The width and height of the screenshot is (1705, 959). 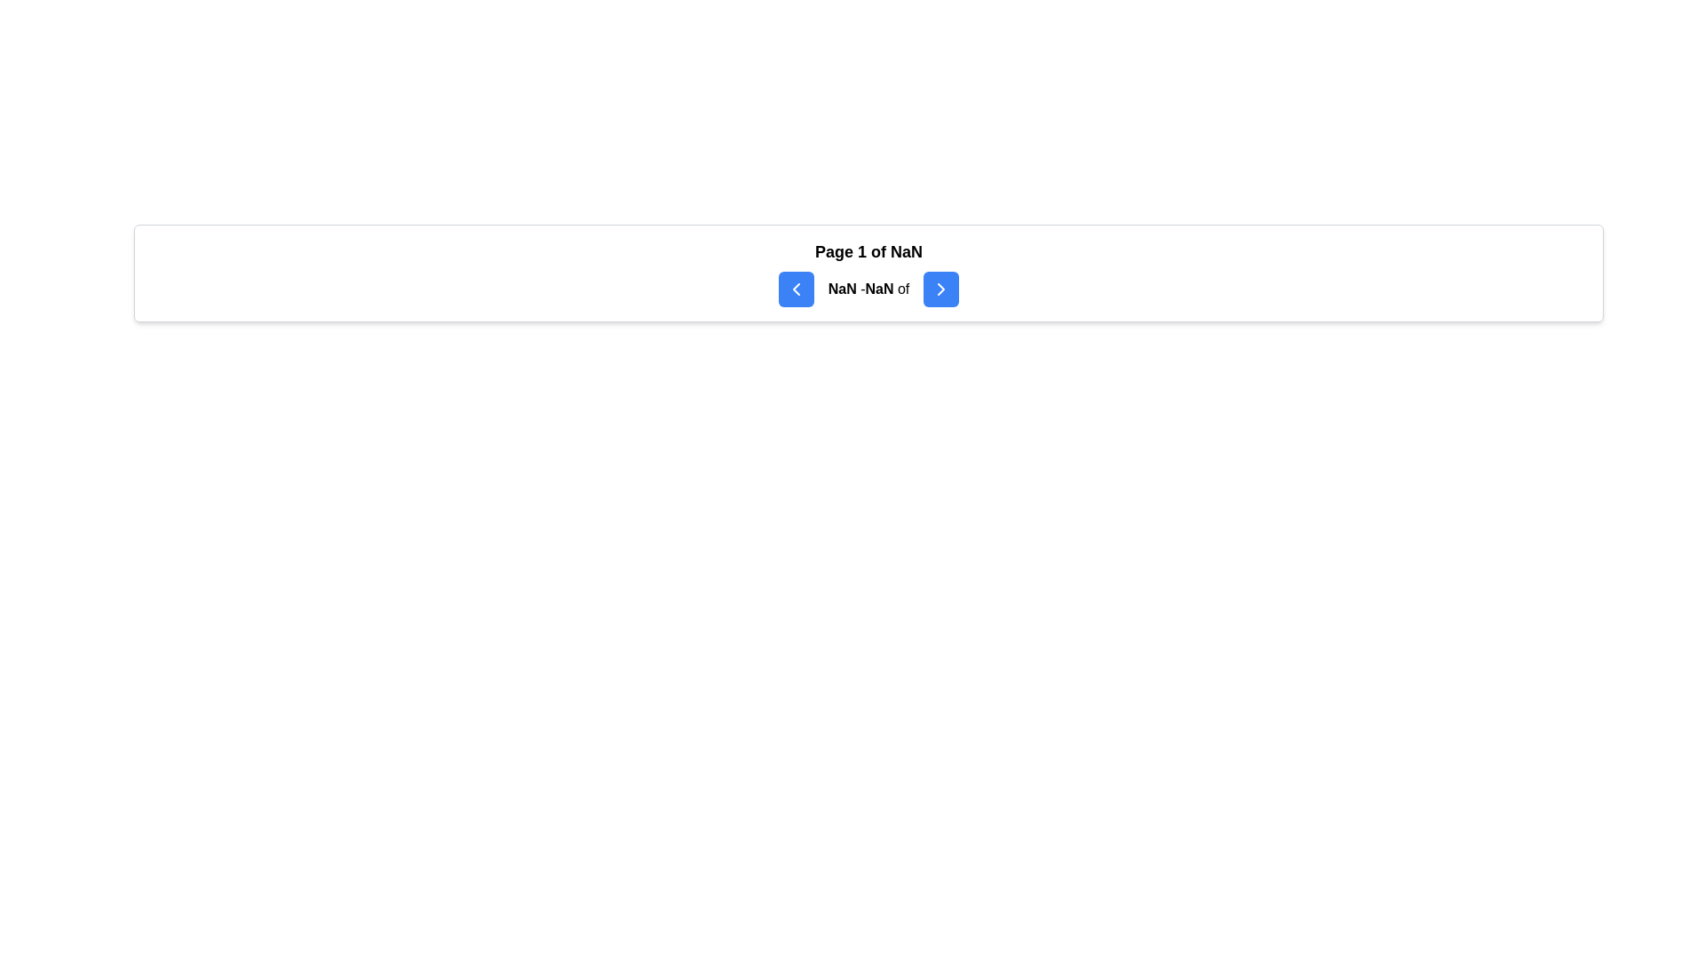 I want to click on the rightmost button in the navigation control group, which has a blue background, rounded corners, and a white arrow icon pointing to the right, so click(x=940, y=289).